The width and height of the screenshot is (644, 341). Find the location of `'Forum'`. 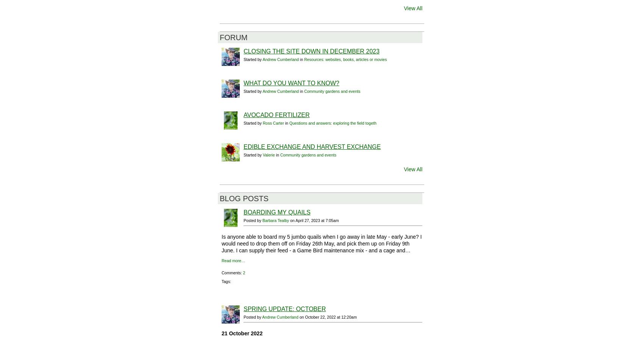

'Forum' is located at coordinates (233, 37).